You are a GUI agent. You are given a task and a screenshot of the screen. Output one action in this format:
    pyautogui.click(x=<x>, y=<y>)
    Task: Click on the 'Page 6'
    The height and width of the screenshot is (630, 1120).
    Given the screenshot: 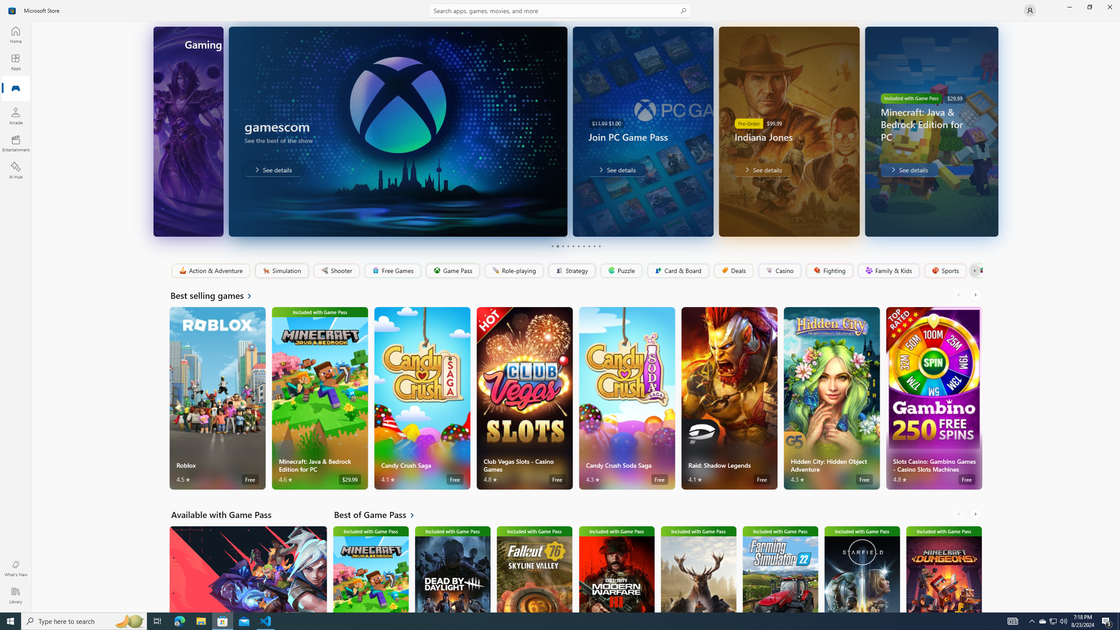 What is the action you would take?
    pyautogui.click(x=578, y=246)
    